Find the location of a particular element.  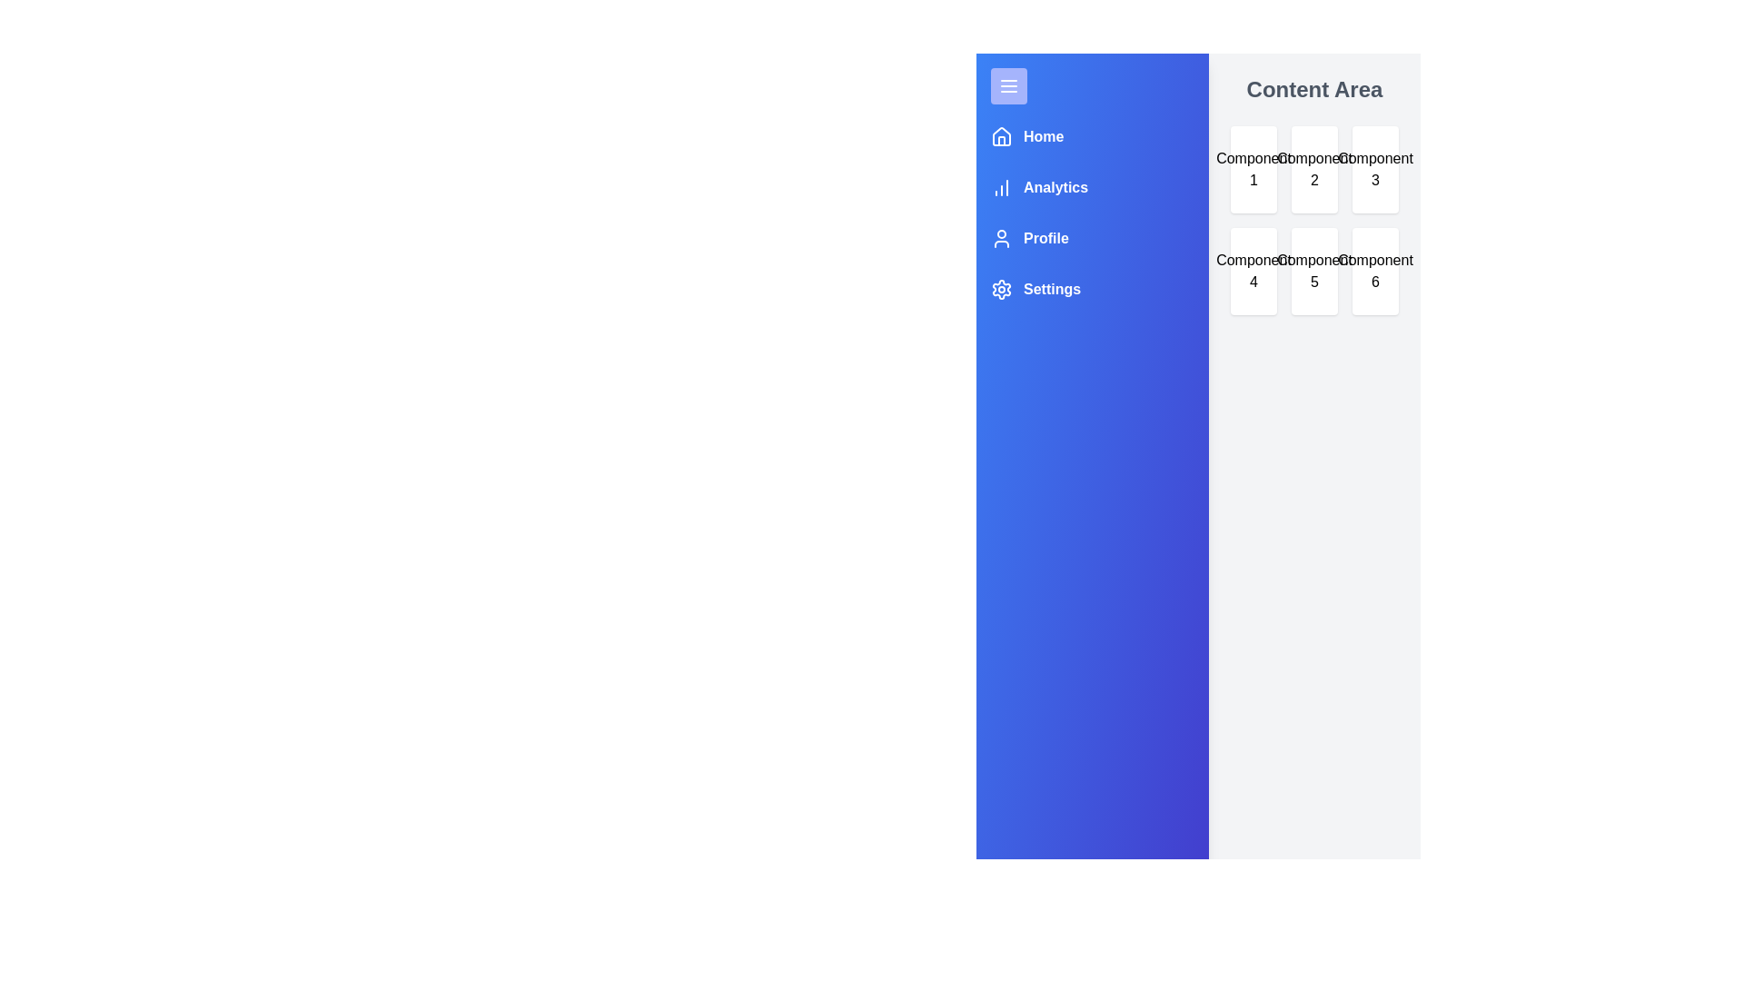

the menu item Settings to view its tooltip is located at coordinates (1036, 289).